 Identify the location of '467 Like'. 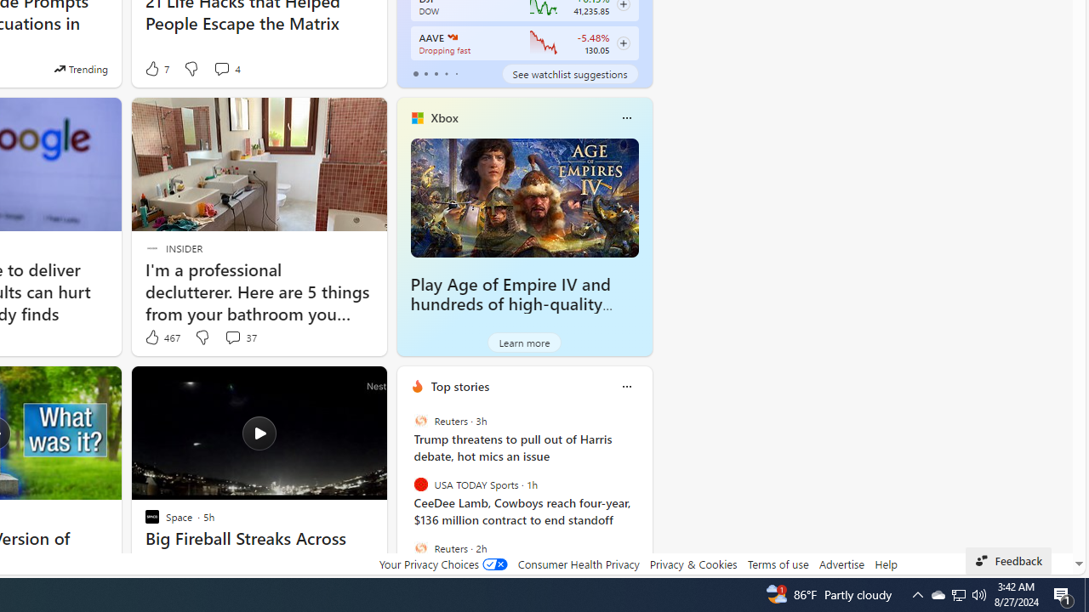
(162, 337).